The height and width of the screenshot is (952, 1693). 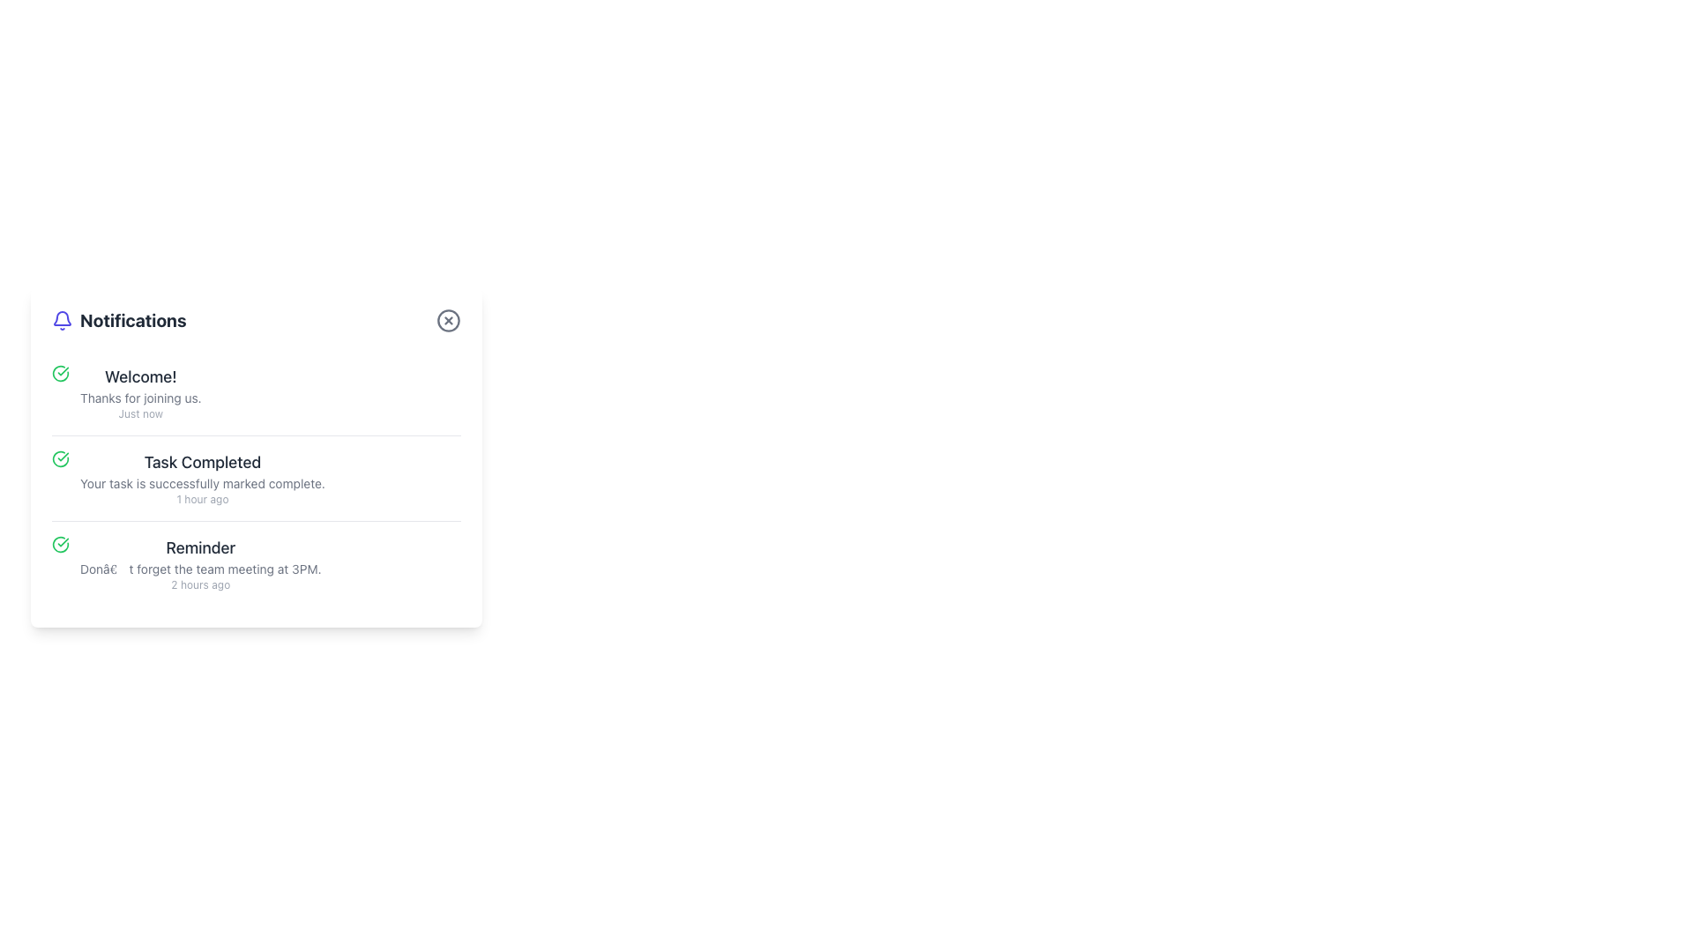 I want to click on the check icon on the completed task notification, which is the second notification in the panel, so click(x=256, y=478).